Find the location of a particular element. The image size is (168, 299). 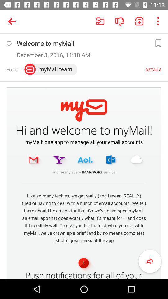

right arrow at the bottom is located at coordinates (150, 261).